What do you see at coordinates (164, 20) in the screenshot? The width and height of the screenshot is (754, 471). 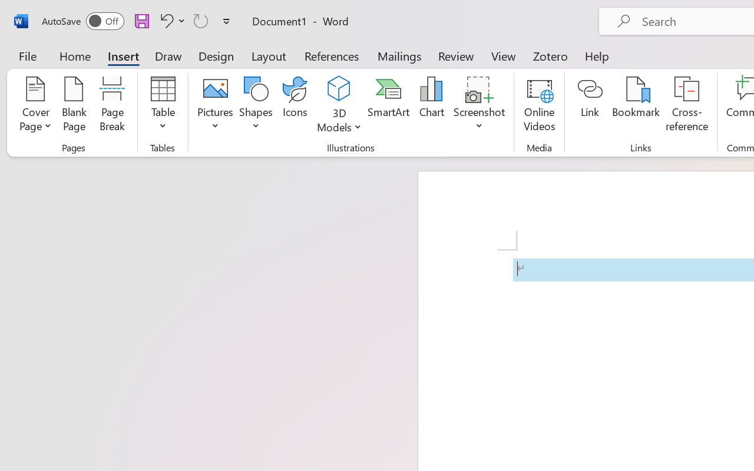 I see `'Undo Apply Quick Style'` at bounding box center [164, 20].